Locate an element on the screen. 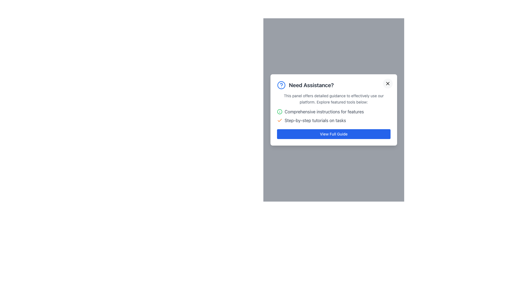  the bottom-right part of the 'X' icon in the top-right corner of the 'Need Assistance?' modal is located at coordinates (388, 83).